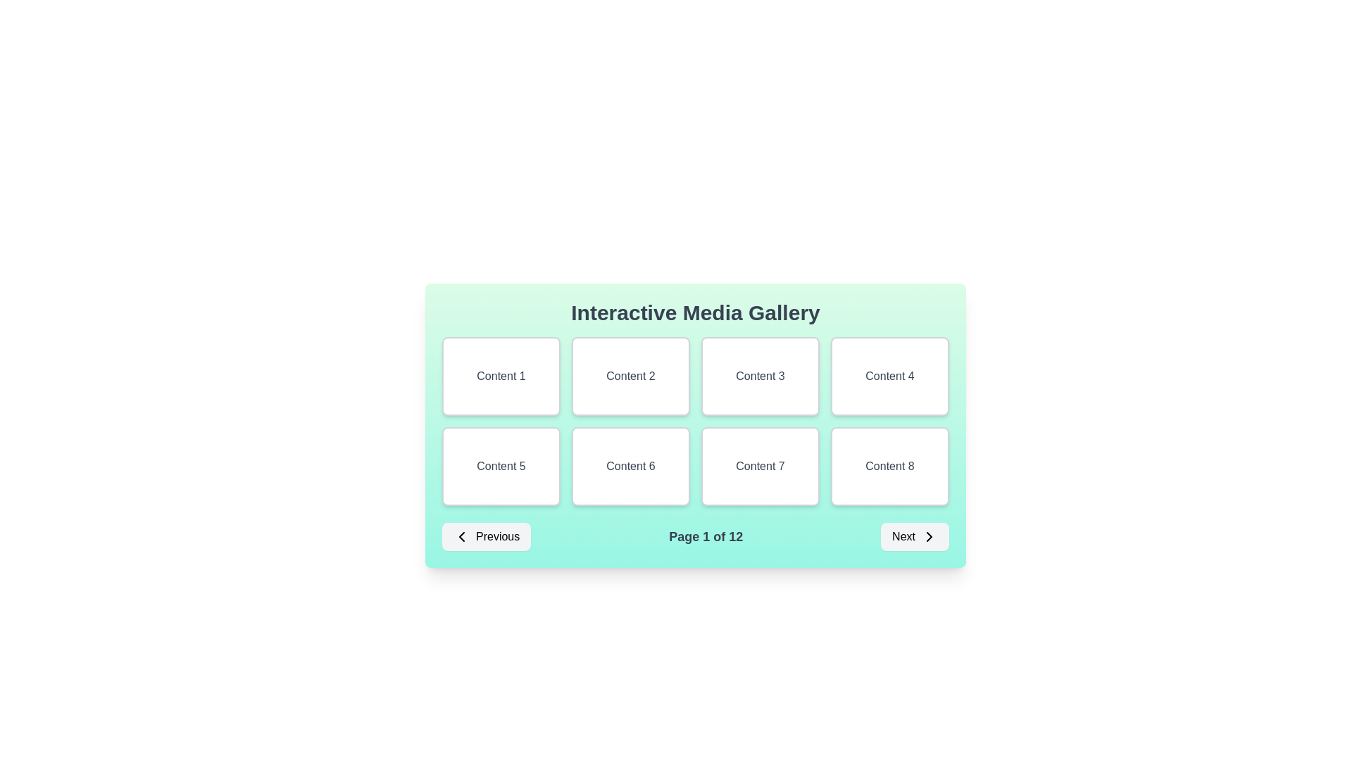 The image size is (1352, 760). What do you see at coordinates (630, 467) in the screenshot?
I see `the button located in the second row and second column of a 4x2 grid layout, which serves as a selectable item for navigation or content selection` at bounding box center [630, 467].